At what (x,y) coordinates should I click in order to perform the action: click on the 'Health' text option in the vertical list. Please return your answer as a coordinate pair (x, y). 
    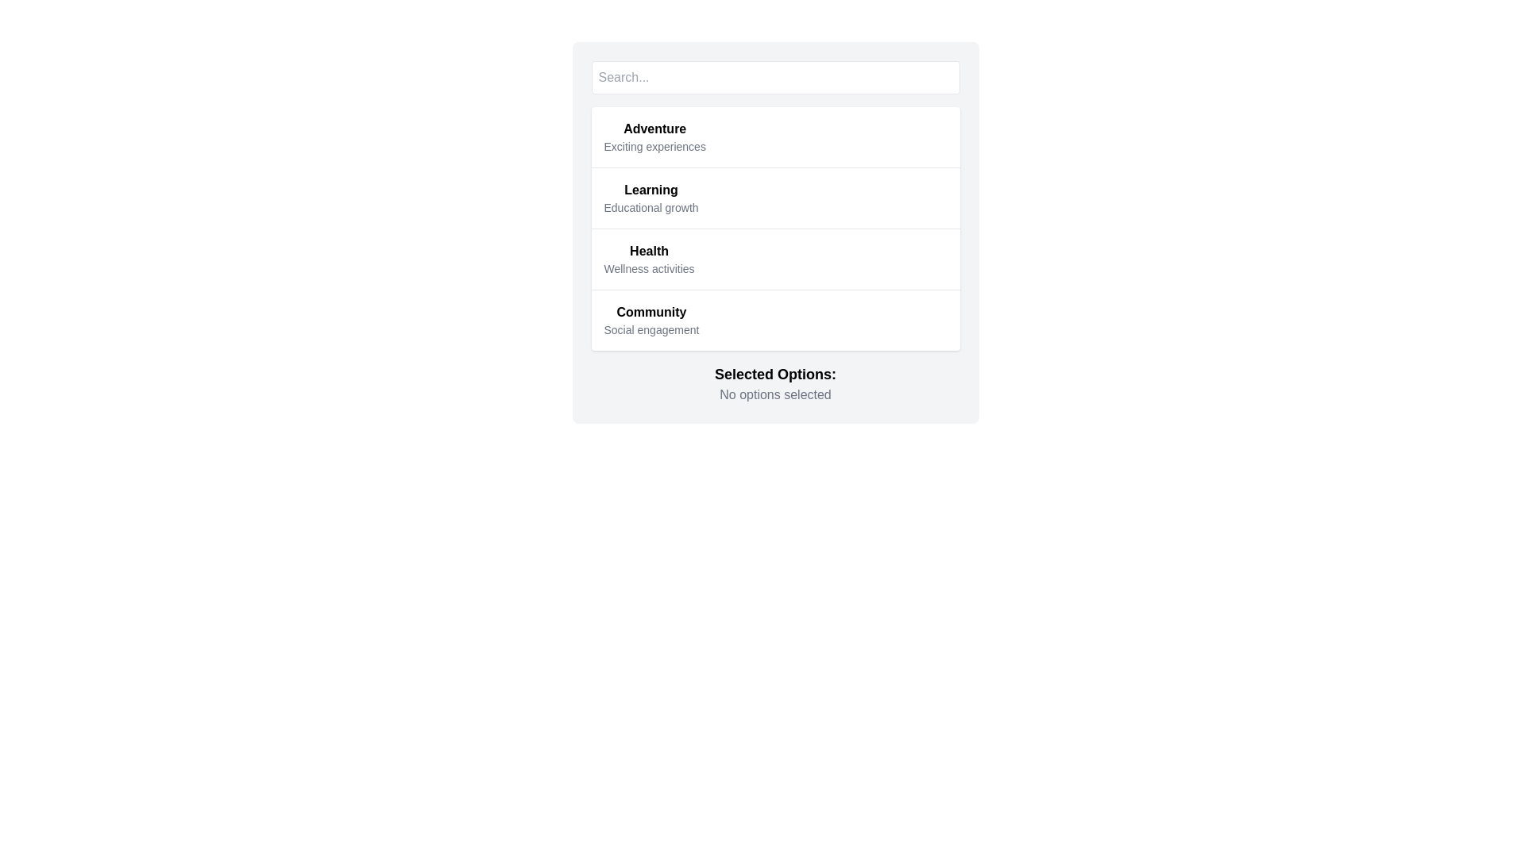
    Looking at the image, I should click on (649, 259).